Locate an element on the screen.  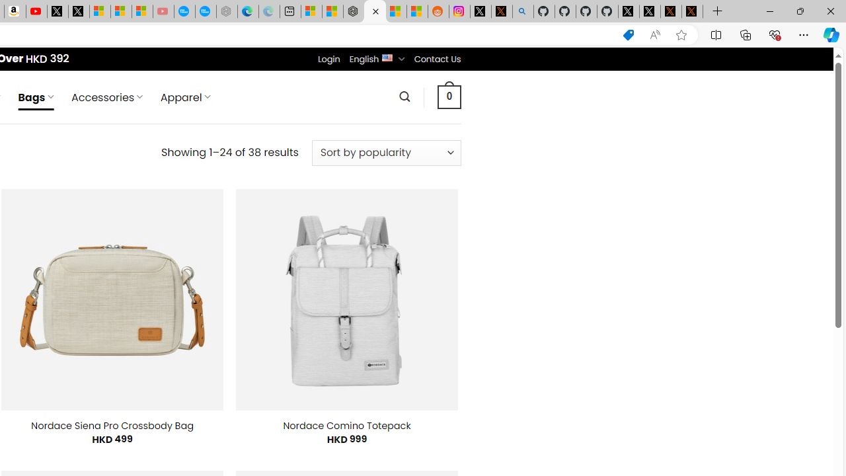
'Nordace - Bags' is located at coordinates (374, 11).